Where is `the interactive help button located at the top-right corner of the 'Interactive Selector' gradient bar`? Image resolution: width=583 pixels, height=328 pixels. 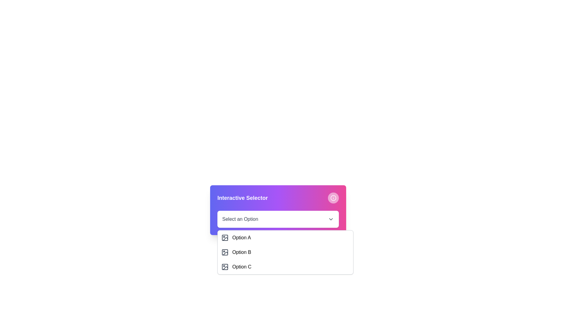 the interactive help button located at the top-right corner of the 'Interactive Selector' gradient bar is located at coordinates (333, 198).